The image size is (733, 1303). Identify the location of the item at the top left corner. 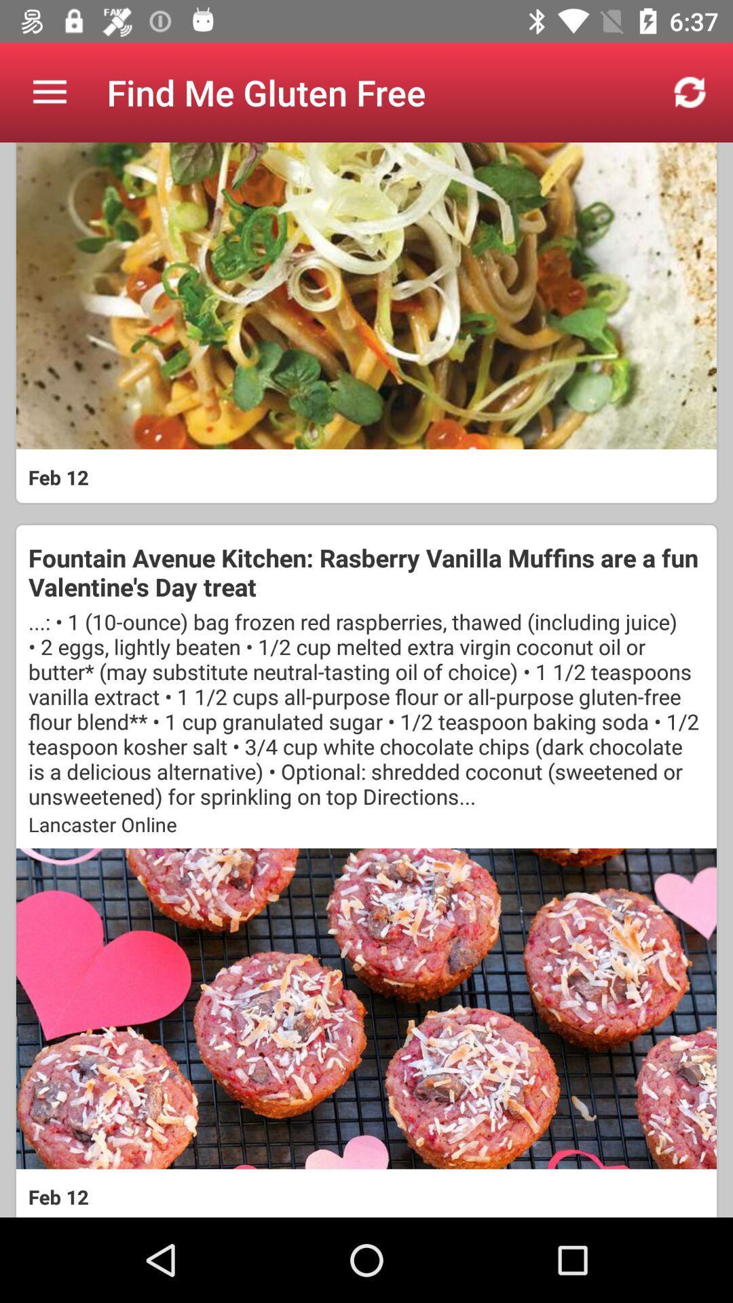
(49, 92).